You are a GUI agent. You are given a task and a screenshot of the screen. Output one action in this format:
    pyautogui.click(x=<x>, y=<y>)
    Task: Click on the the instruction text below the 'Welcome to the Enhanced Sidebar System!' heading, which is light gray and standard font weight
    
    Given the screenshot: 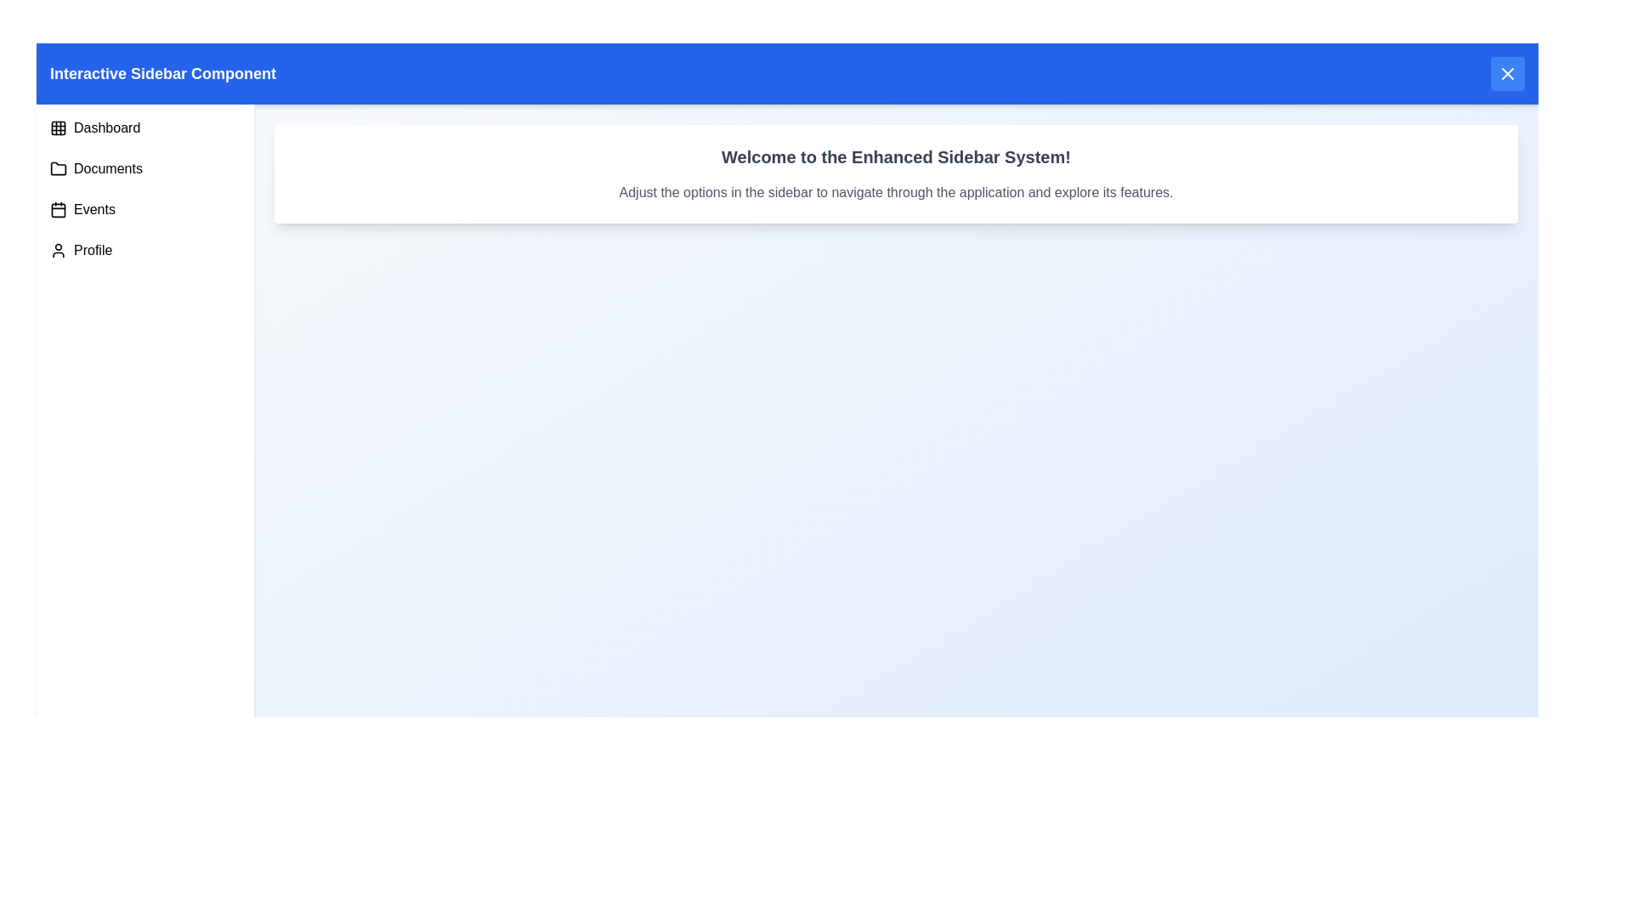 What is the action you would take?
    pyautogui.click(x=895, y=192)
    